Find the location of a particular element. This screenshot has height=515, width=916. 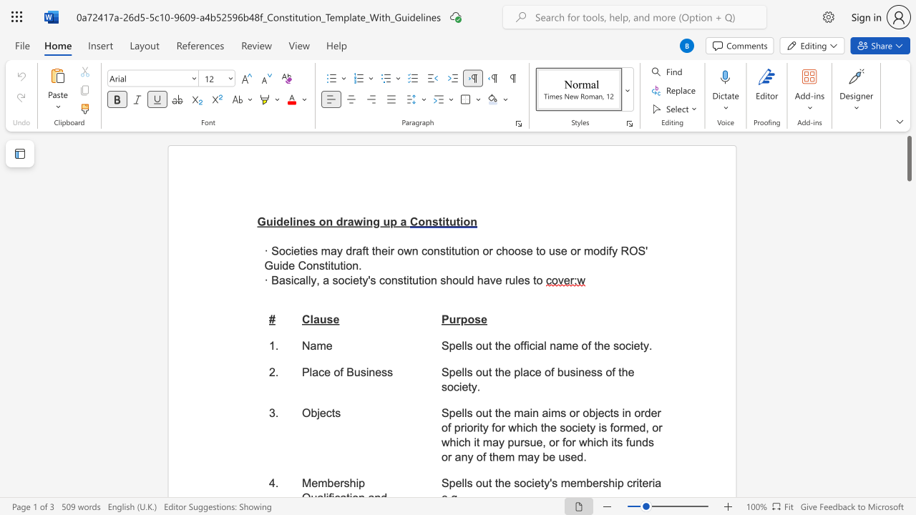

the 2th character "d" in the text is located at coordinates (338, 222).